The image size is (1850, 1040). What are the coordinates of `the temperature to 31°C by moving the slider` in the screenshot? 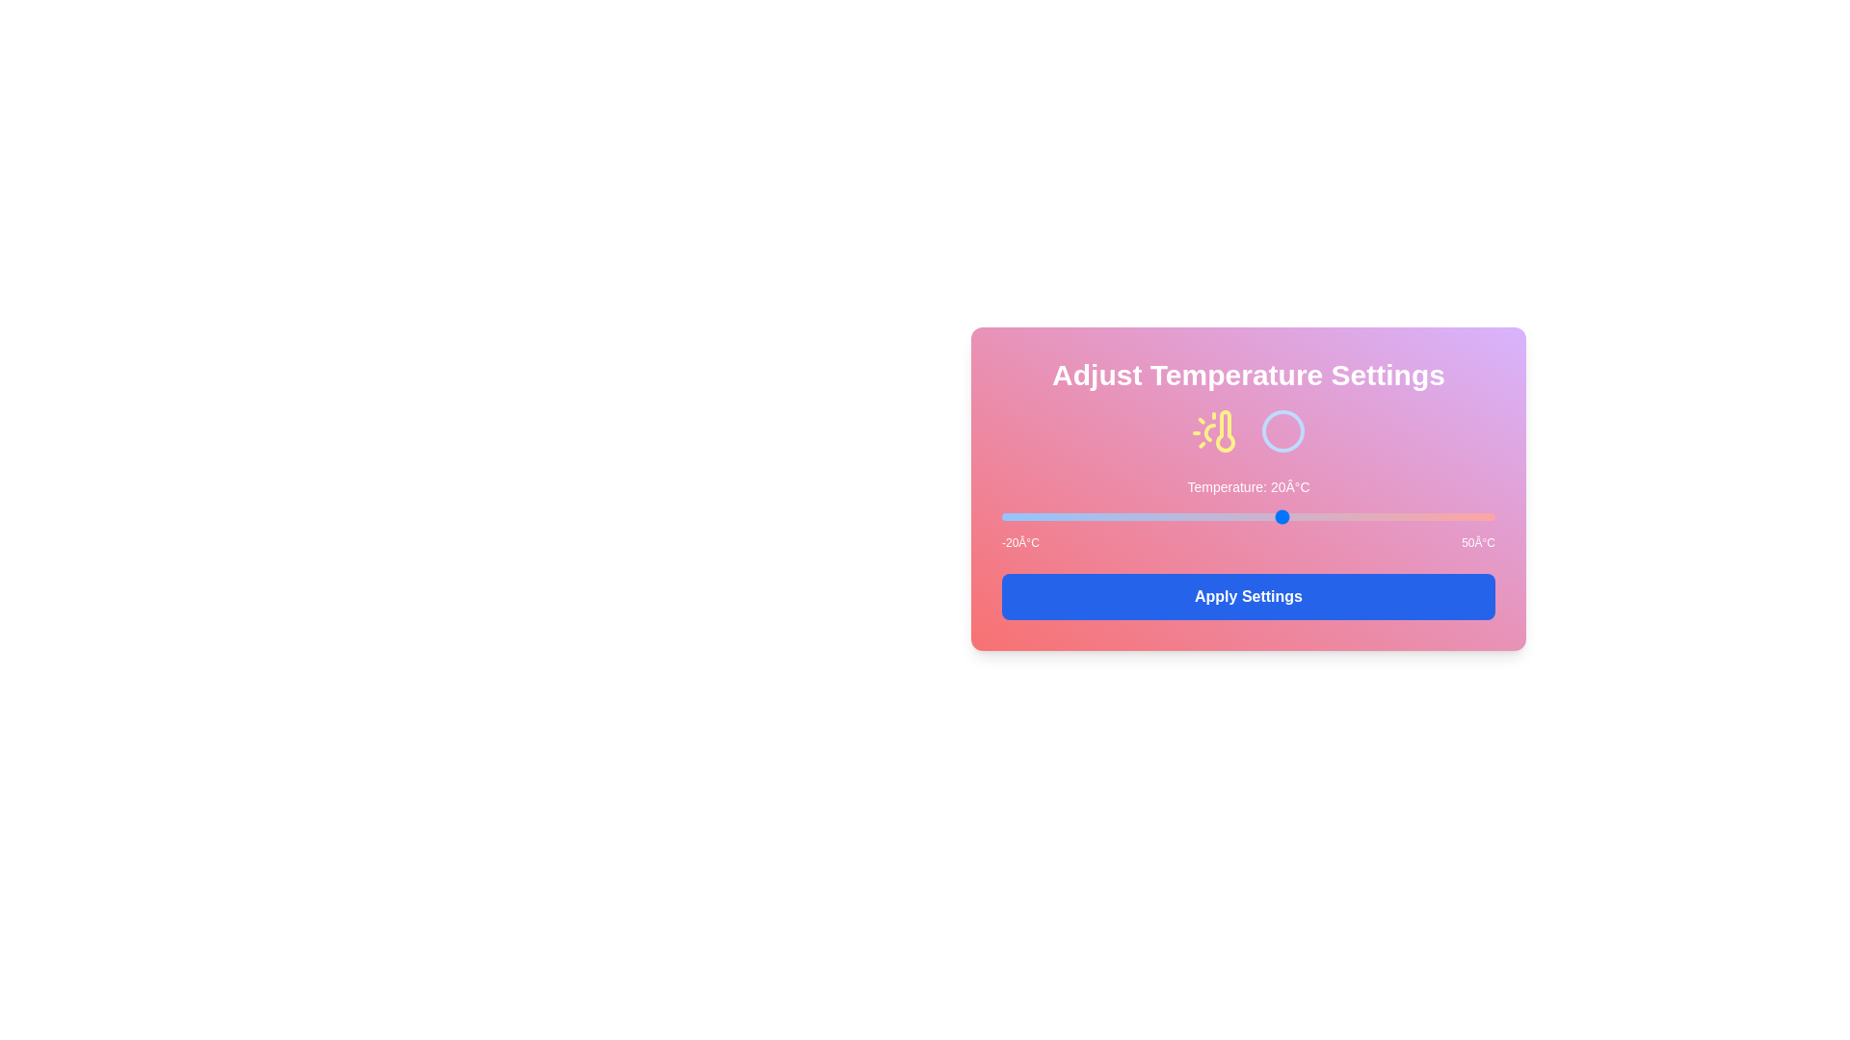 It's located at (1361, 515).